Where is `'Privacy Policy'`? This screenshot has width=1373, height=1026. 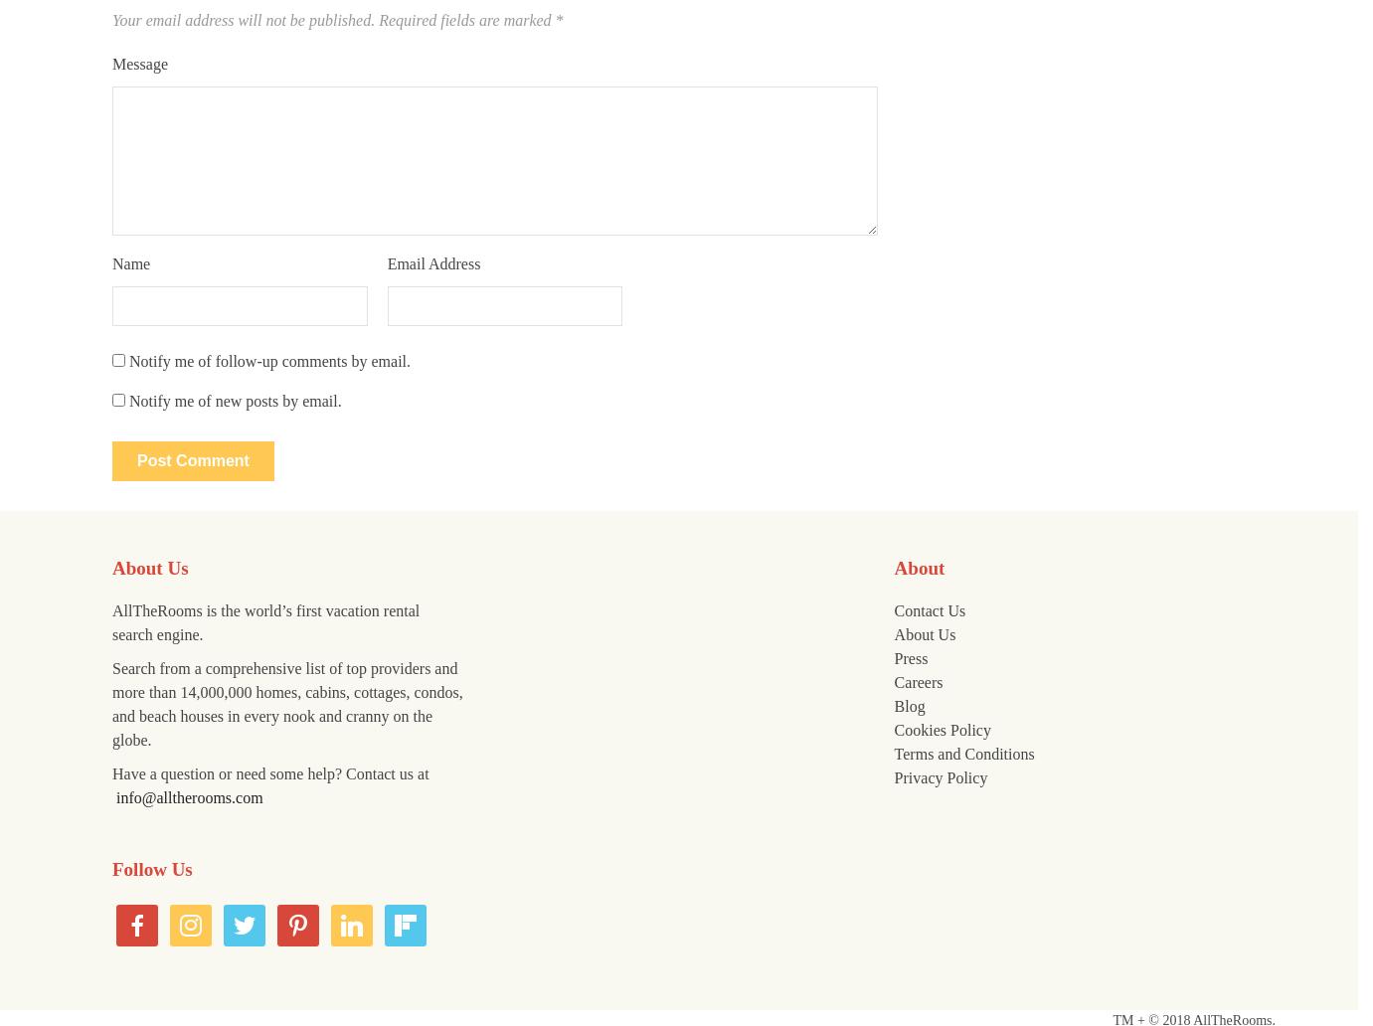
'Privacy Policy' is located at coordinates (939, 777).